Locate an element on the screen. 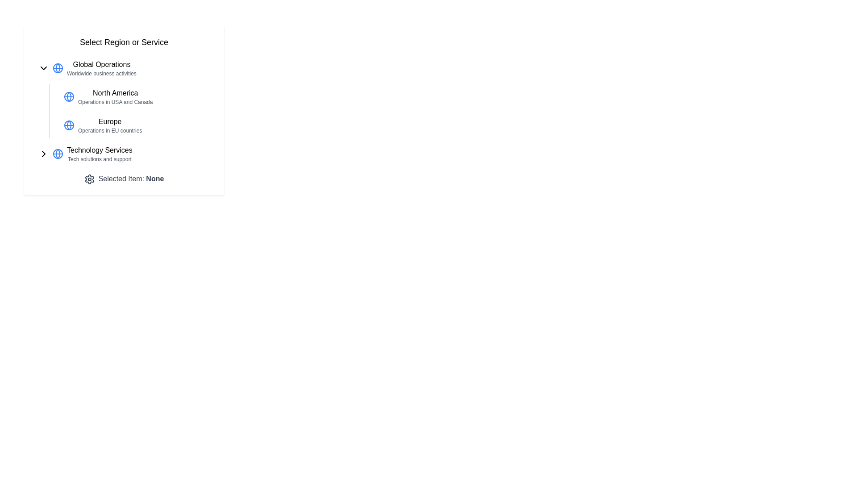 Image resolution: width=857 pixels, height=482 pixels. the settings icon located to the left of the text 'Selected Item: None' is located at coordinates (89, 179).